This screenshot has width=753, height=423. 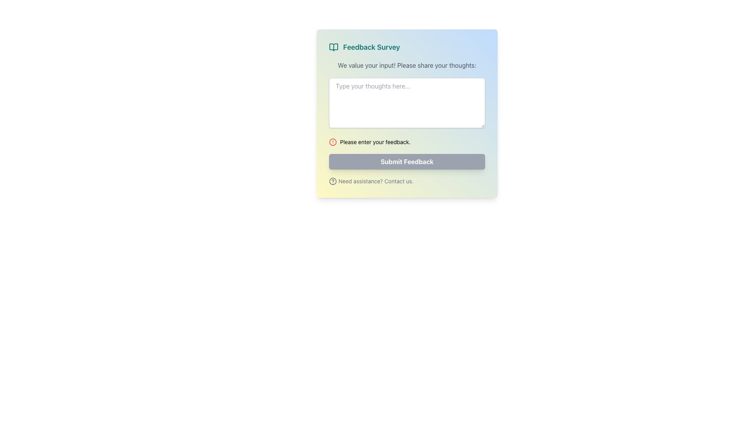 What do you see at coordinates (333, 47) in the screenshot?
I see `the open book icon located to the left of the 'Feedback Survey' header text within the feedback widget` at bounding box center [333, 47].